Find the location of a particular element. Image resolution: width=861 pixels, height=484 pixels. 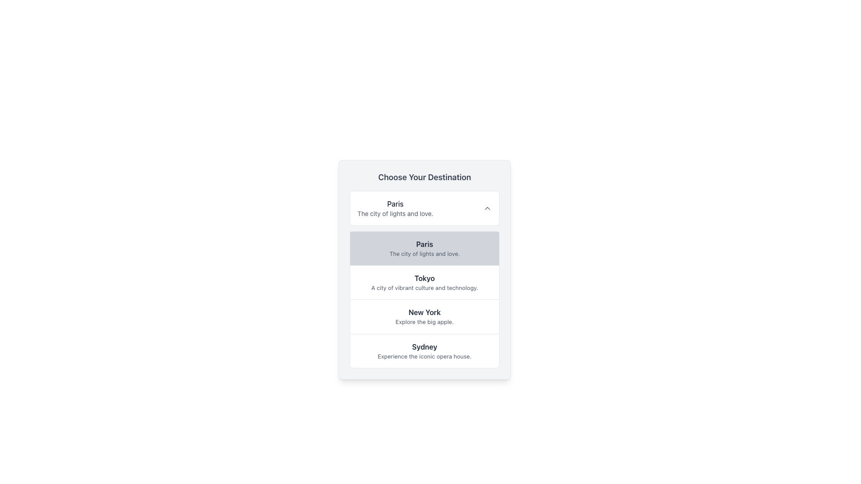

the list item displaying 'New York' is located at coordinates (424, 315).